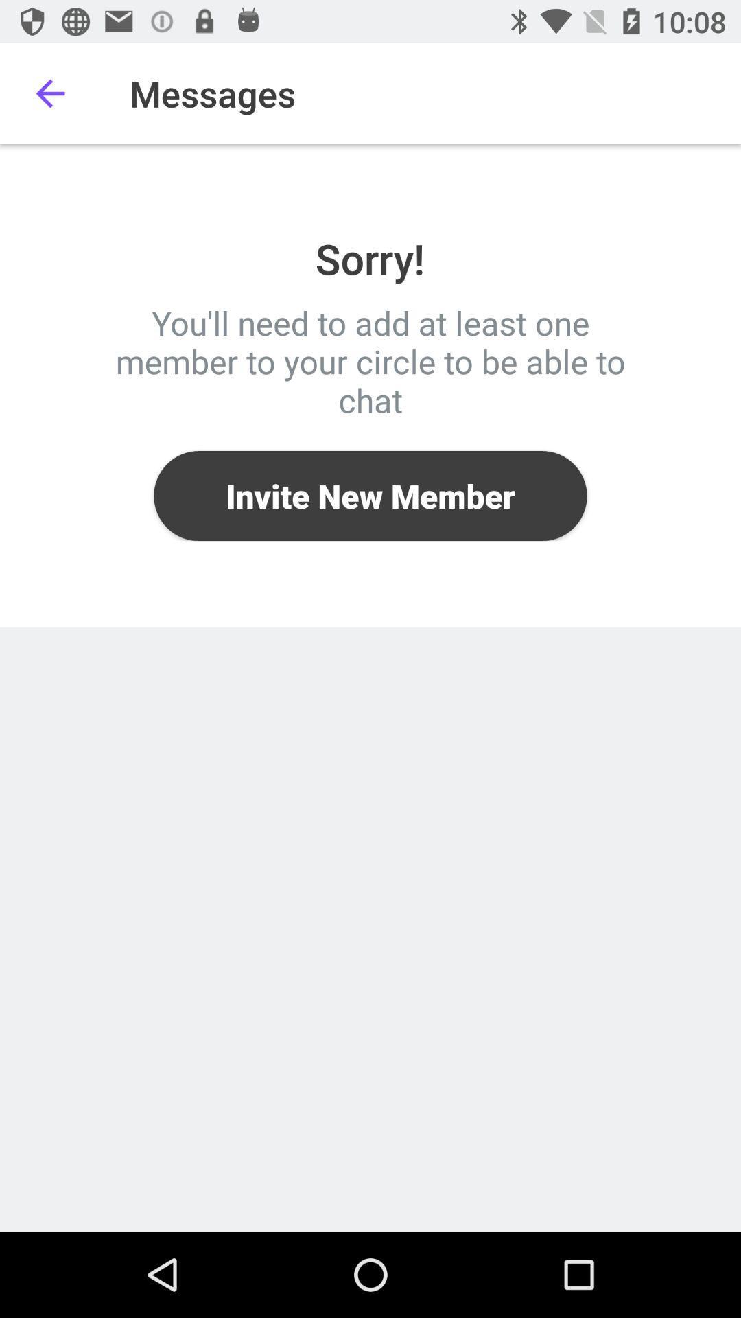 This screenshot has width=741, height=1318. What do you see at coordinates (370, 495) in the screenshot?
I see `the invite new member icon` at bounding box center [370, 495].